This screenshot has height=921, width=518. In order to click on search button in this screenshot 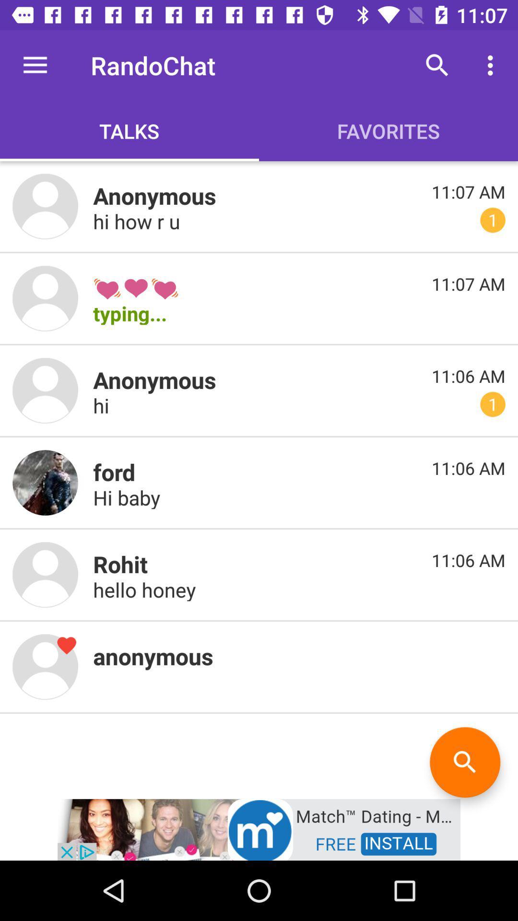, I will do `click(464, 762)`.